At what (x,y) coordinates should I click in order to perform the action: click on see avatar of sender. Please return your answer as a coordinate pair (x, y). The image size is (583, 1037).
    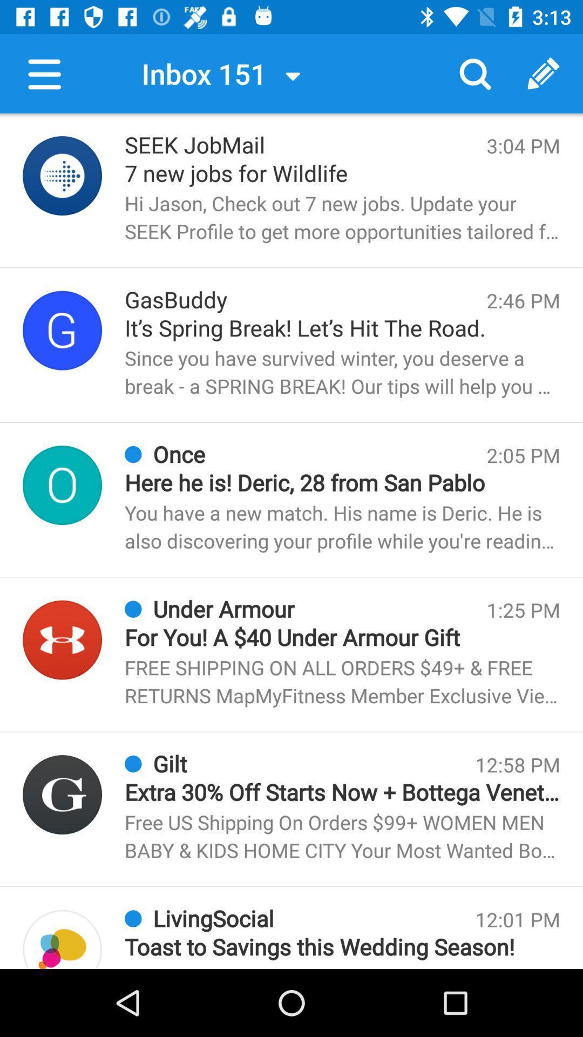
    Looking at the image, I should click on (62, 794).